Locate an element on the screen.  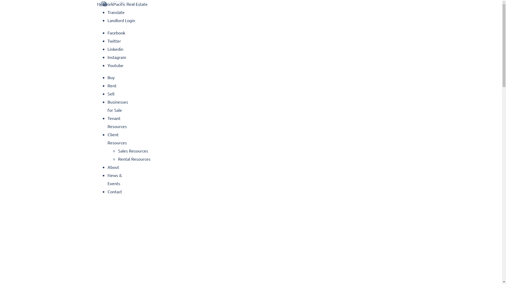
'Rental Resources' is located at coordinates (134, 159).